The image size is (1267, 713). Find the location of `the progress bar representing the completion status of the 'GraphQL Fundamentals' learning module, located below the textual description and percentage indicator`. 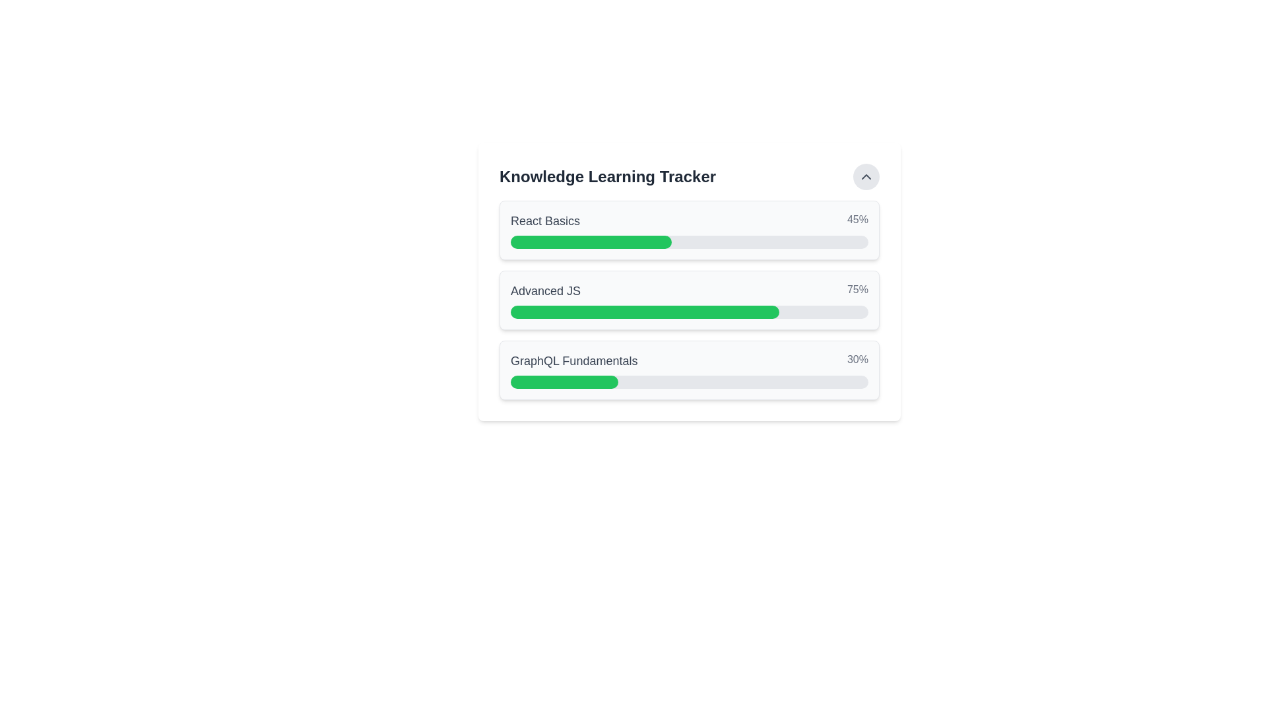

the progress bar representing the completion status of the 'GraphQL Fundamentals' learning module, located below the textual description and percentage indicator is located at coordinates (689, 382).